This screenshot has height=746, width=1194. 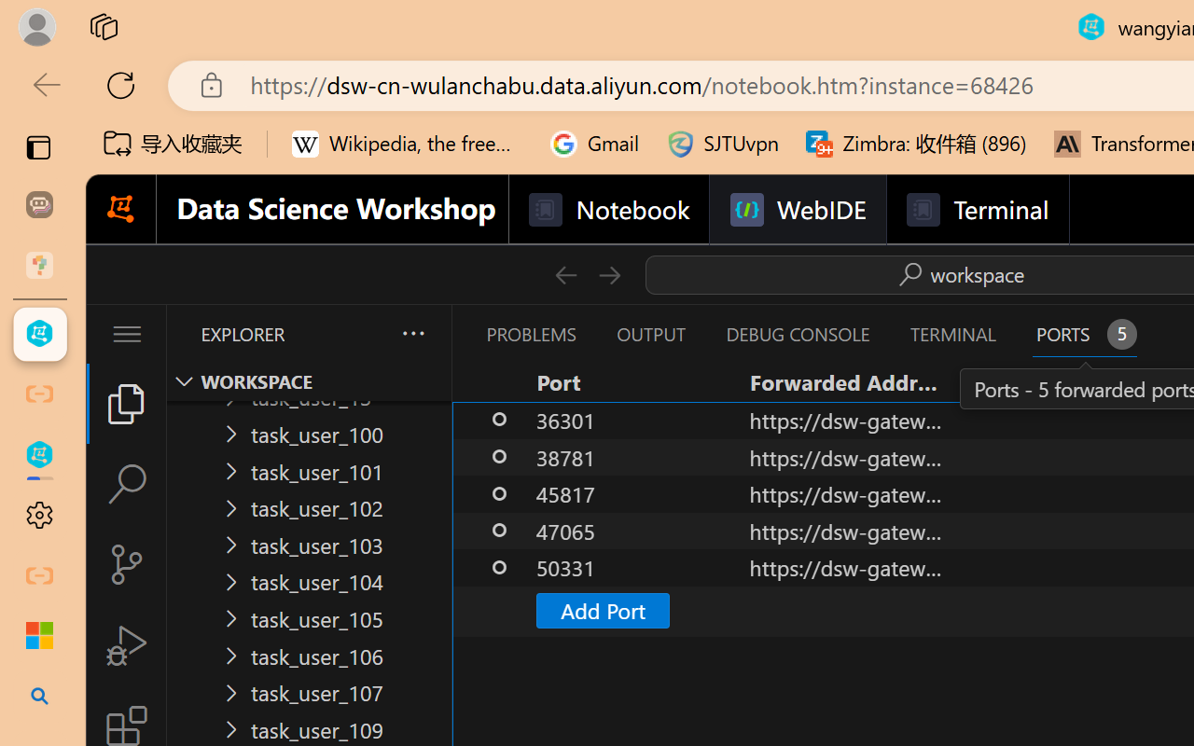 I want to click on 'Class: menubar compact overflow-menu-only', so click(x=125, y=334).